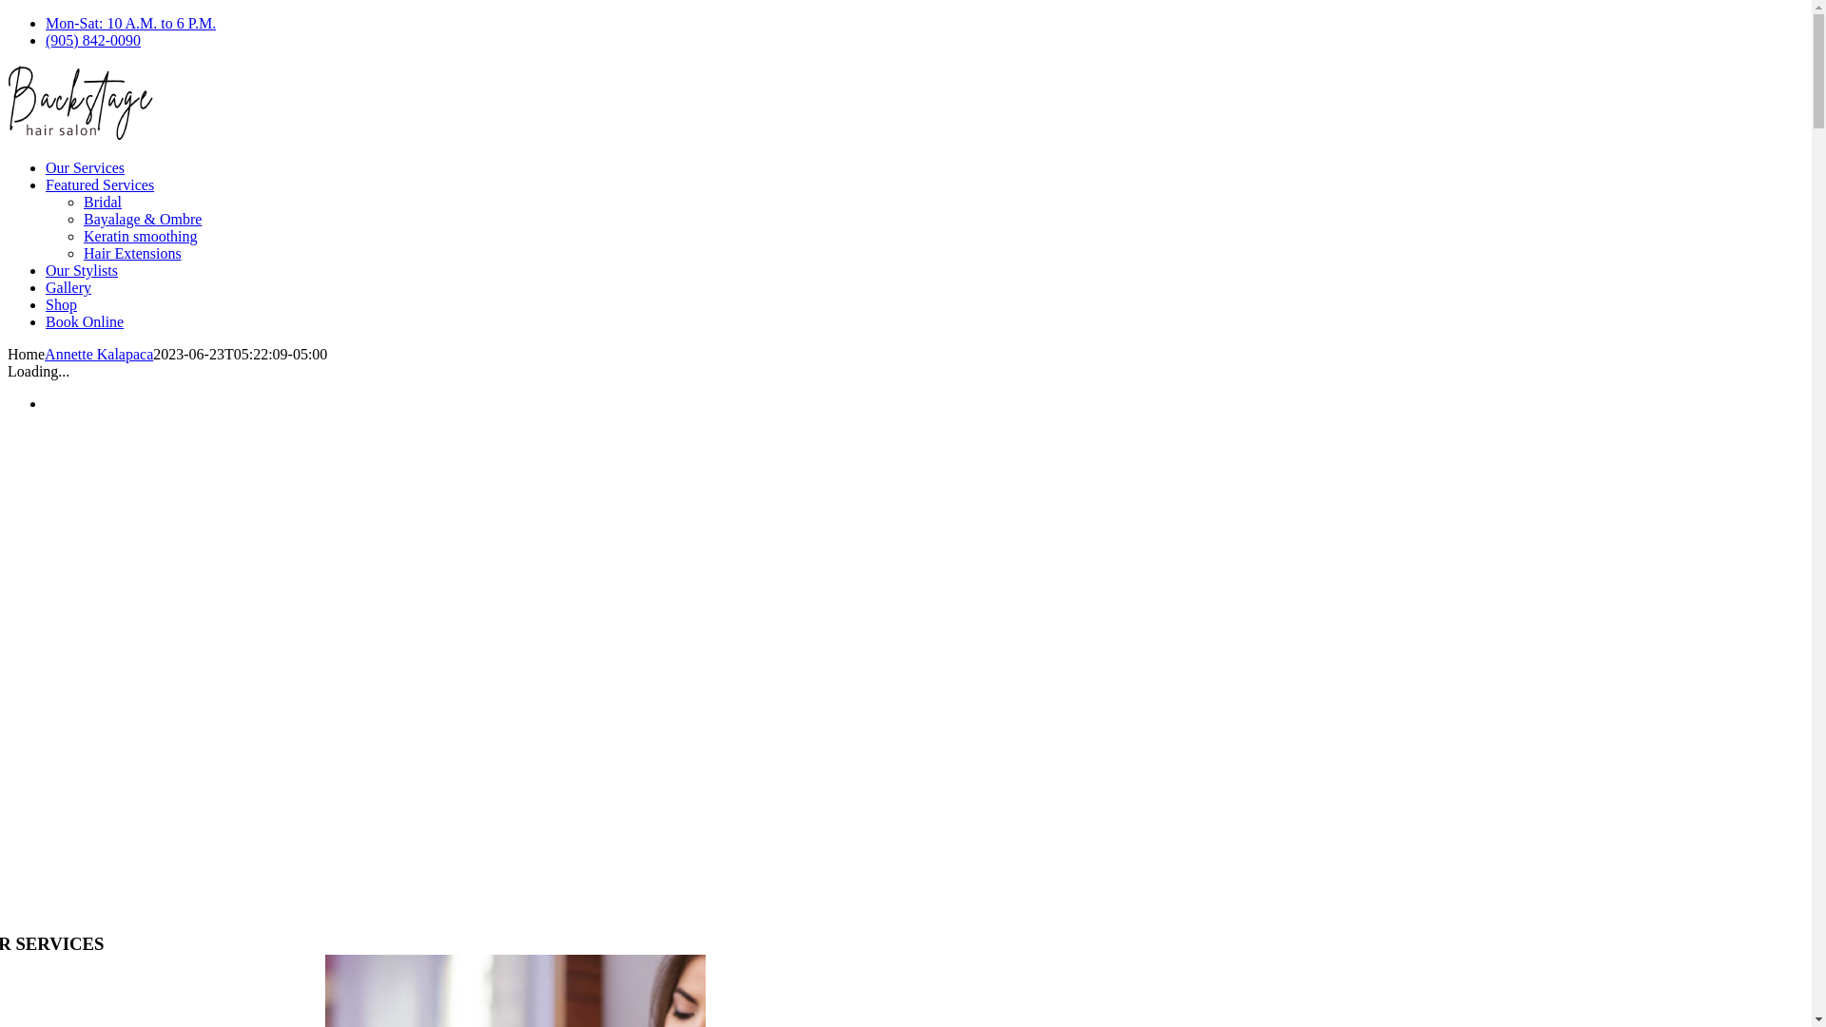 Image resolution: width=1826 pixels, height=1027 pixels. I want to click on 'Gallery', so click(68, 287).